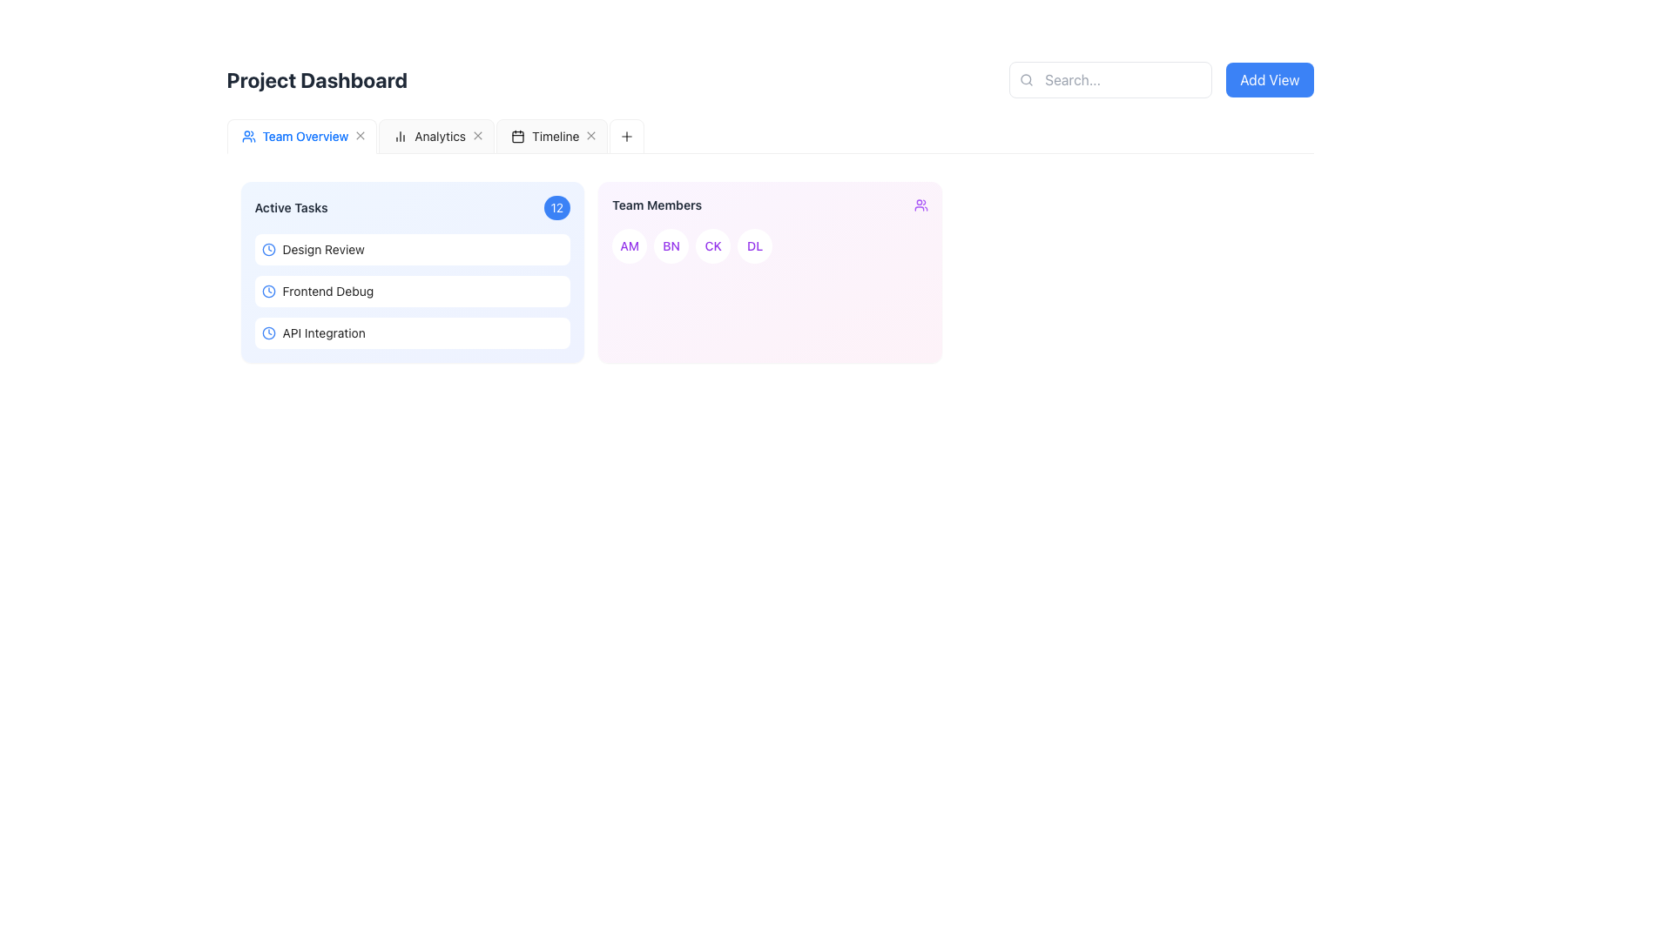 This screenshot has height=940, width=1672. I want to click on the SVG clock icon located to the left of the 'Frontend Debug' text in the second item of the 'Active Tasks' section, positioned between 'Design Review' and 'API Integration', so click(267, 291).